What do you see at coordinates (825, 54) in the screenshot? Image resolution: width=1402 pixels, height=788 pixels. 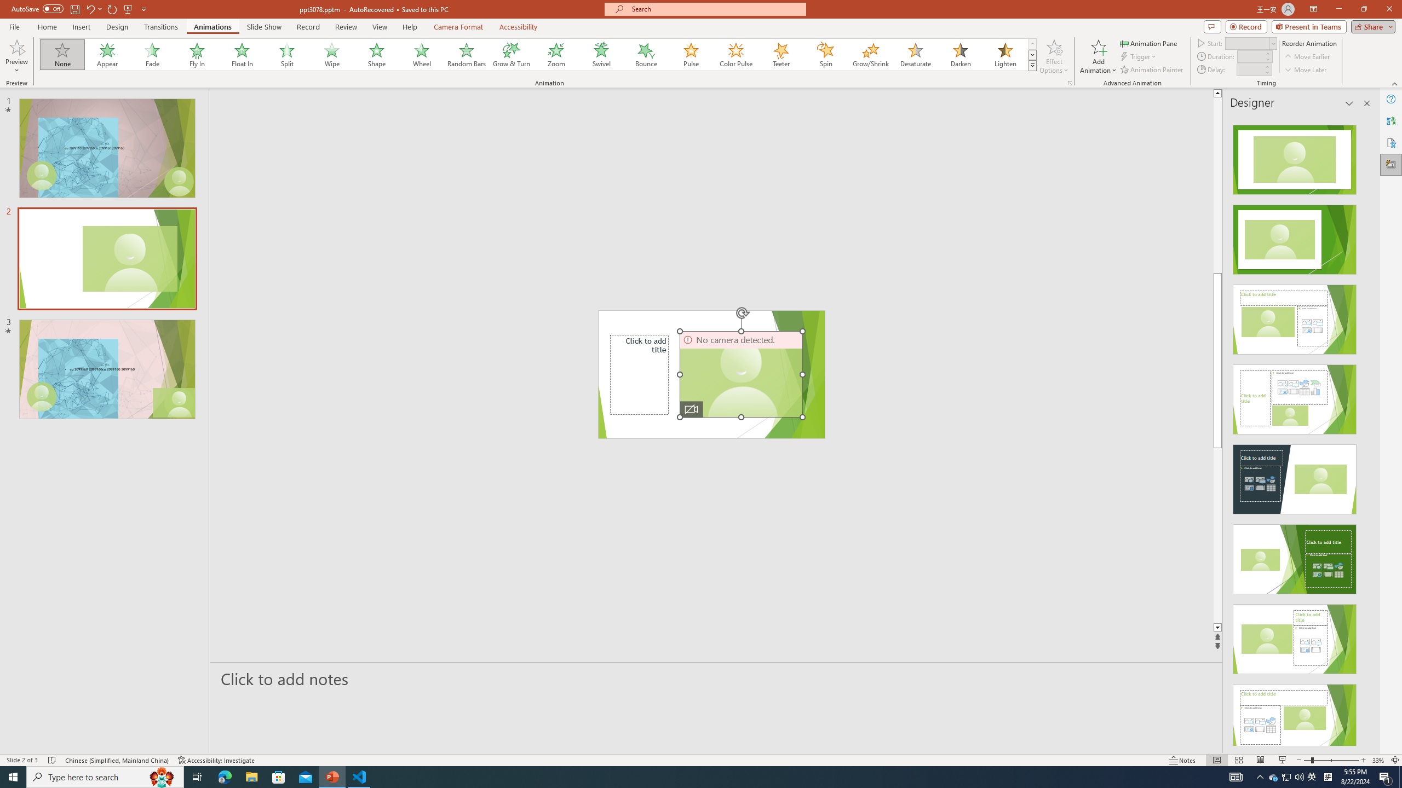 I see `'Spin'` at bounding box center [825, 54].